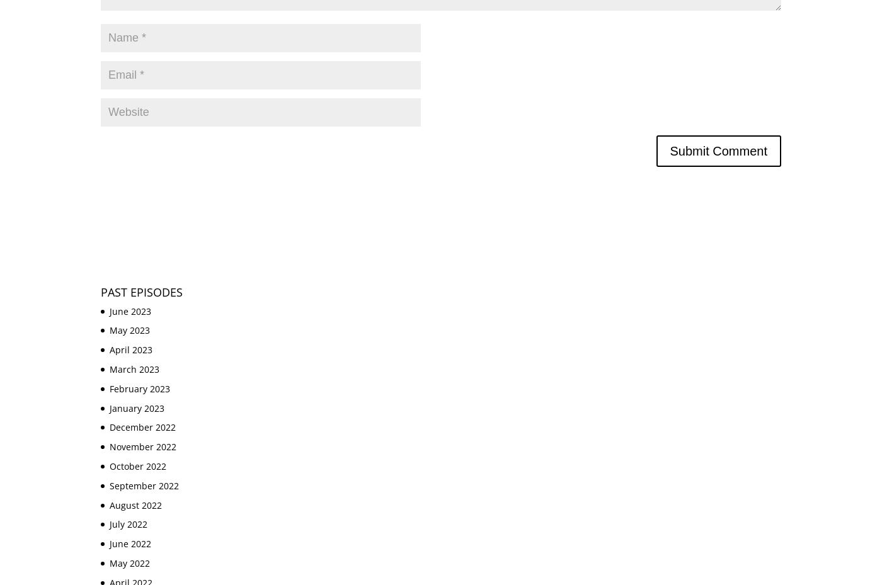 The image size is (882, 585). What do you see at coordinates (131, 349) in the screenshot?
I see `'April 2023'` at bounding box center [131, 349].